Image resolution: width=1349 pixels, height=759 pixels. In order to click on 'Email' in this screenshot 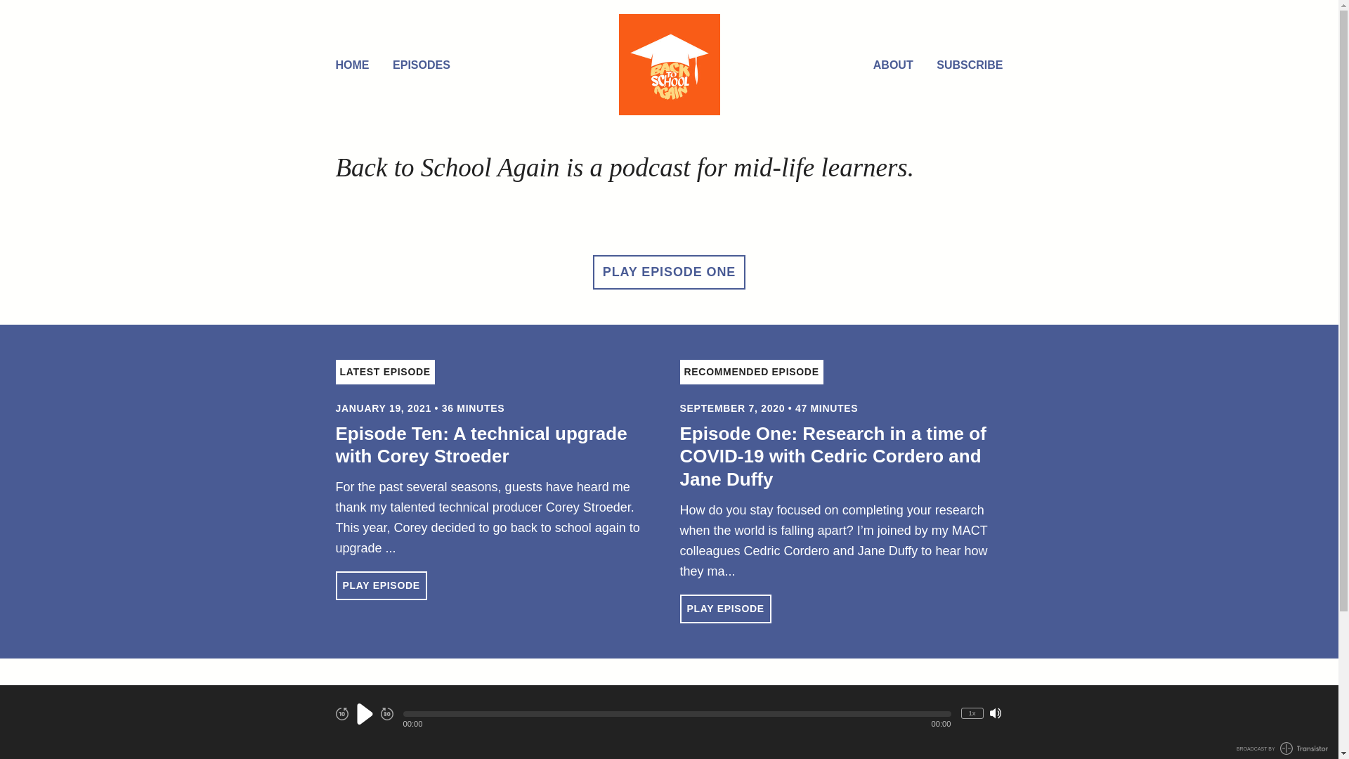, I will do `click(617, 719)`.